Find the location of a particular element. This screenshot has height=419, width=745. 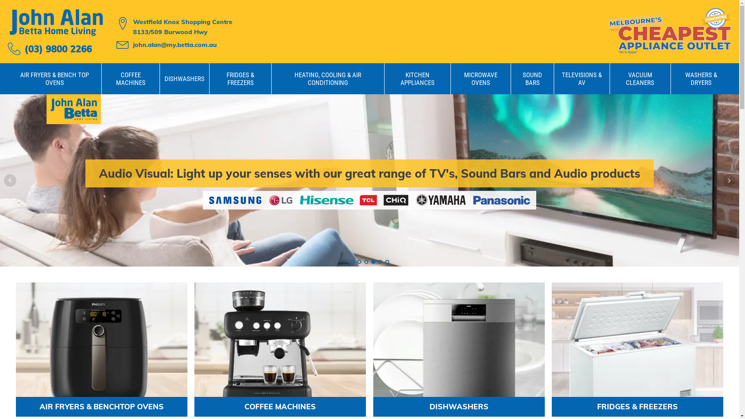

'Prev' is located at coordinates (3, 180).